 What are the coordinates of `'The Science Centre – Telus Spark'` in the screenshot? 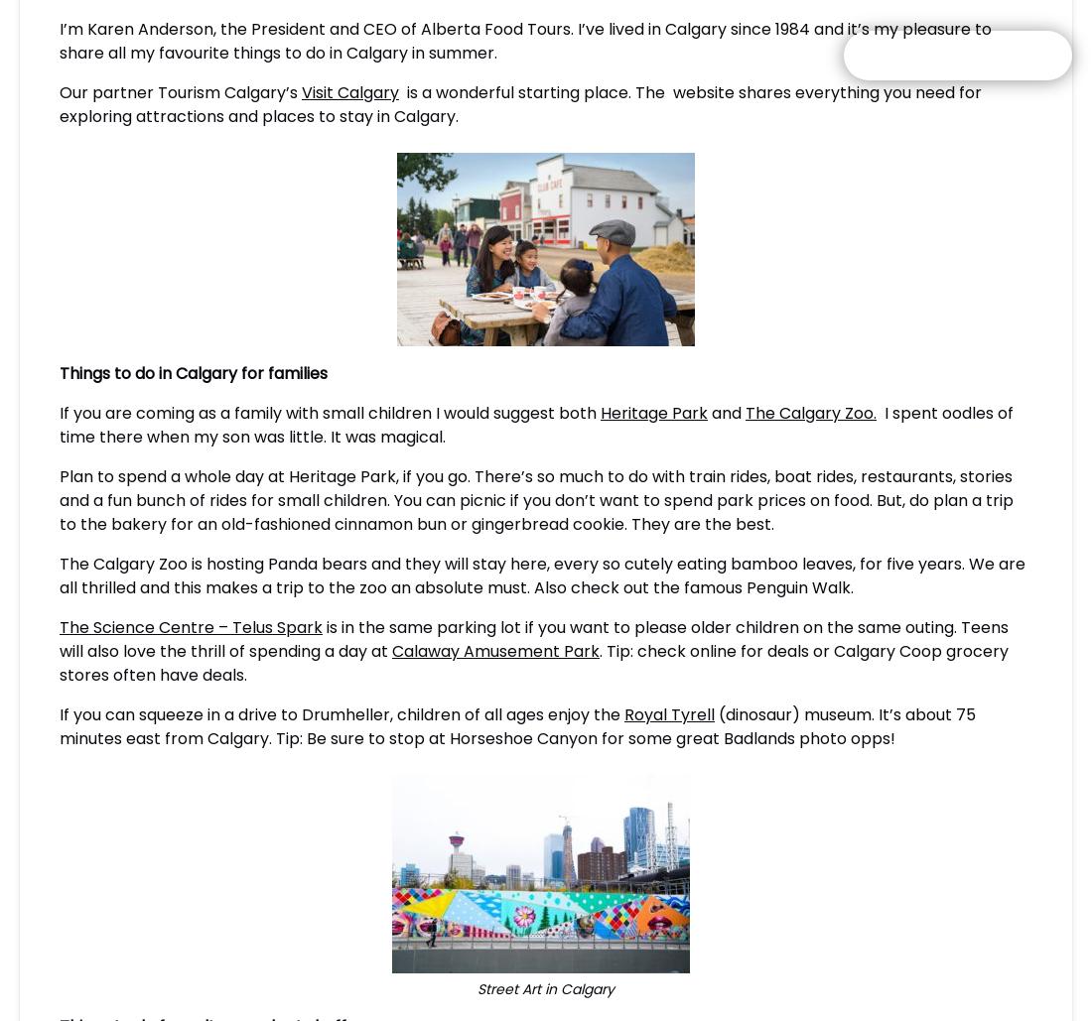 It's located at (190, 627).